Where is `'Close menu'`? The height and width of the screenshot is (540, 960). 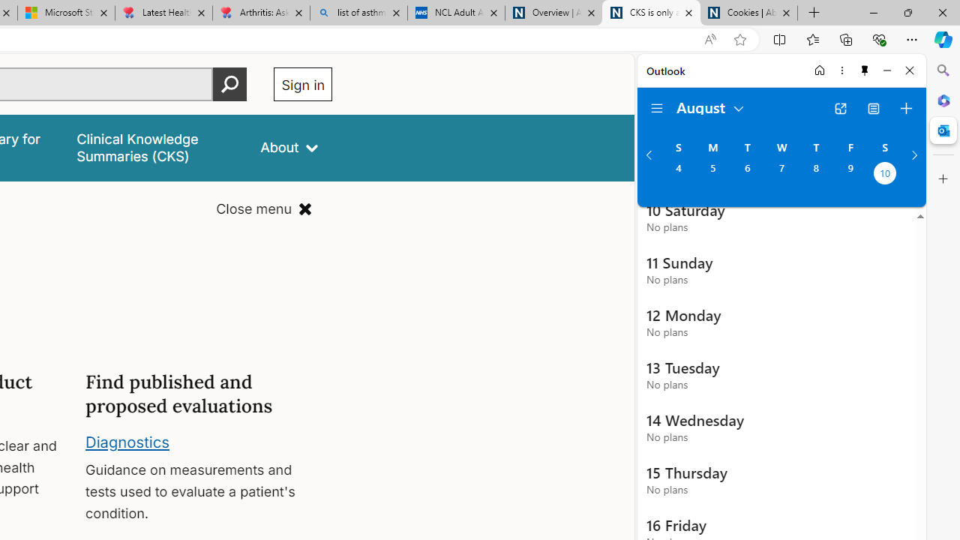 'Close menu' is located at coordinates (264, 209).